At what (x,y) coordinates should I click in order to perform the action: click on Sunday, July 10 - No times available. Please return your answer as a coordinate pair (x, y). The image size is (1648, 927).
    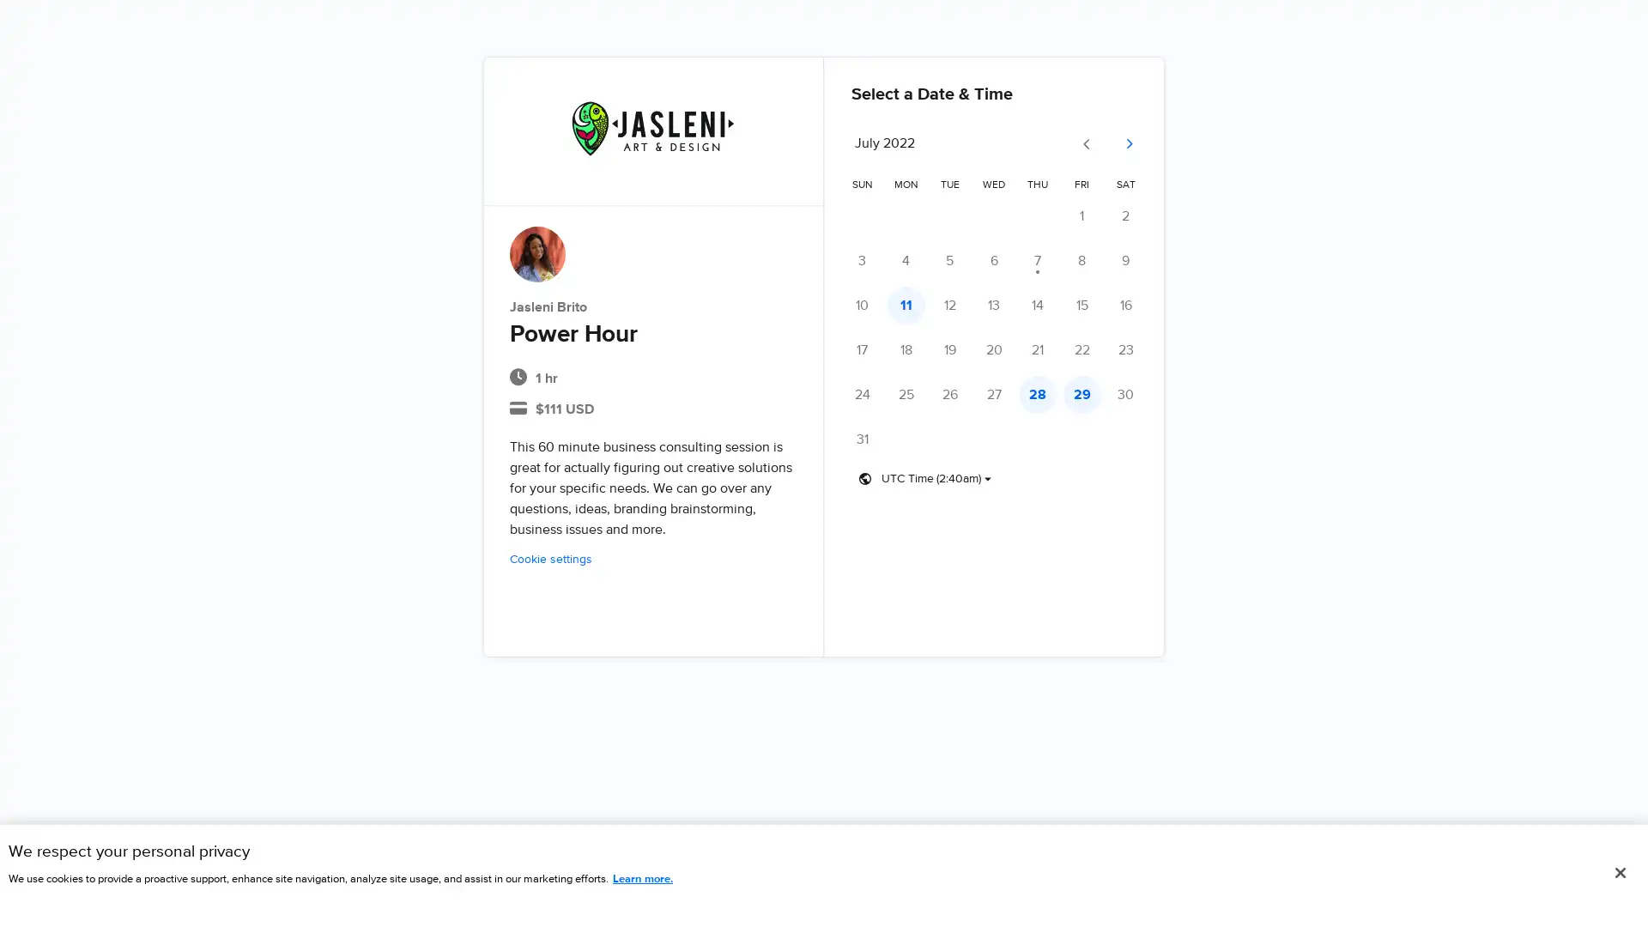
    Looking at the image, I should click on (861, 304).